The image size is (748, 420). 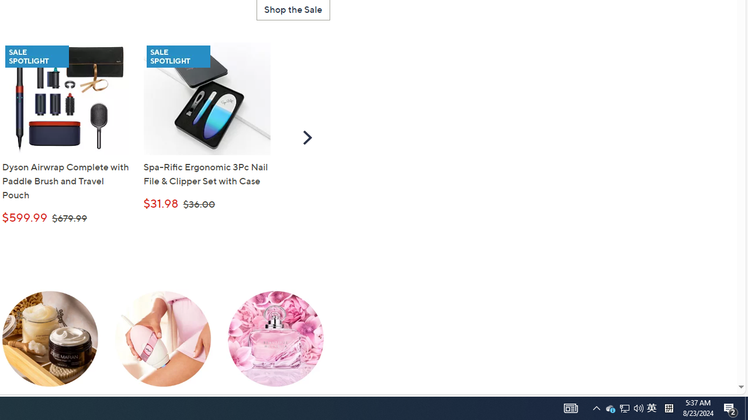 What do you see at coordinates (275, 347) in the screenshot?
I see `'Fragrance'` at bounding box center [275, 347].